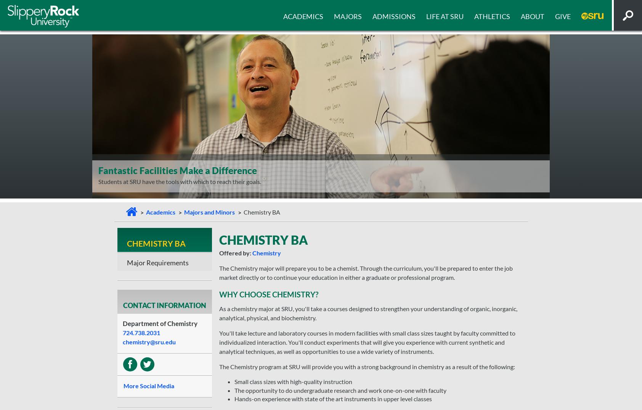  Describe the element at coordinates (366, 272) in the screenshot. I see `'The Chemistry major will prepare you to be a chemist. Through the curriculum, you'll be prepared to enter the job market directly or to continue your education in either a graduate or professional program.'` at that location.